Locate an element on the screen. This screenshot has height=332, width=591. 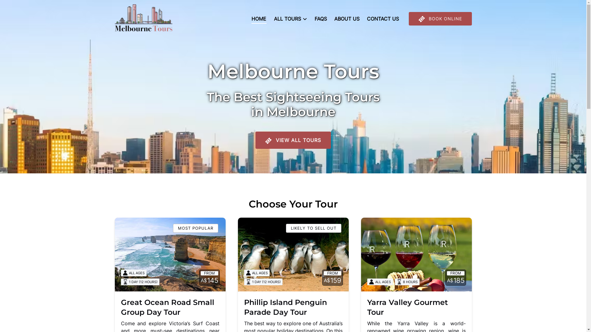
'HOME' is located at coordinates (248, 18).